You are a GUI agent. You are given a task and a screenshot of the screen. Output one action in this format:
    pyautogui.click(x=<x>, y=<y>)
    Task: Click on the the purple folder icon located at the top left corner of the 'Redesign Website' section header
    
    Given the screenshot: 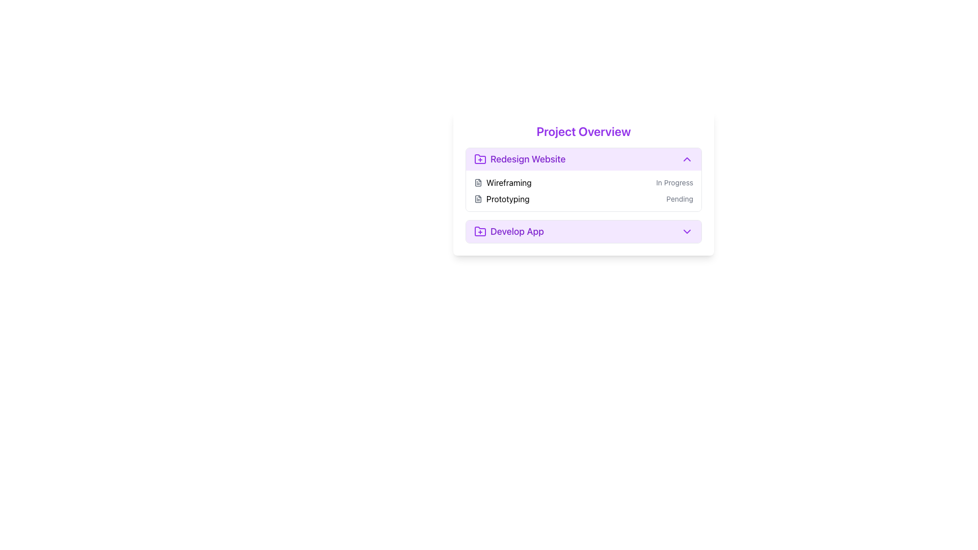 What is the action you would take?
    pyautogui.click(x=479, y=159)
    